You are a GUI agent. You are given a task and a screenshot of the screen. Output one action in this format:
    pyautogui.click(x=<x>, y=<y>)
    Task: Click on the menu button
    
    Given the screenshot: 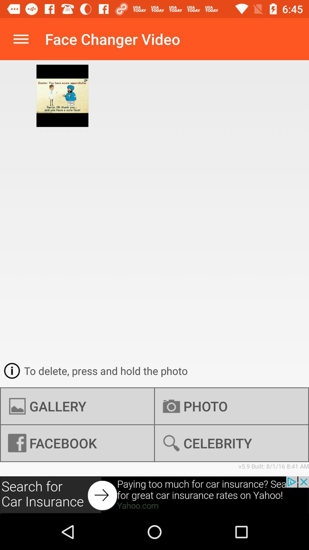 What is the action you would take?
    pyautogui.click(x=21, y=39)
    